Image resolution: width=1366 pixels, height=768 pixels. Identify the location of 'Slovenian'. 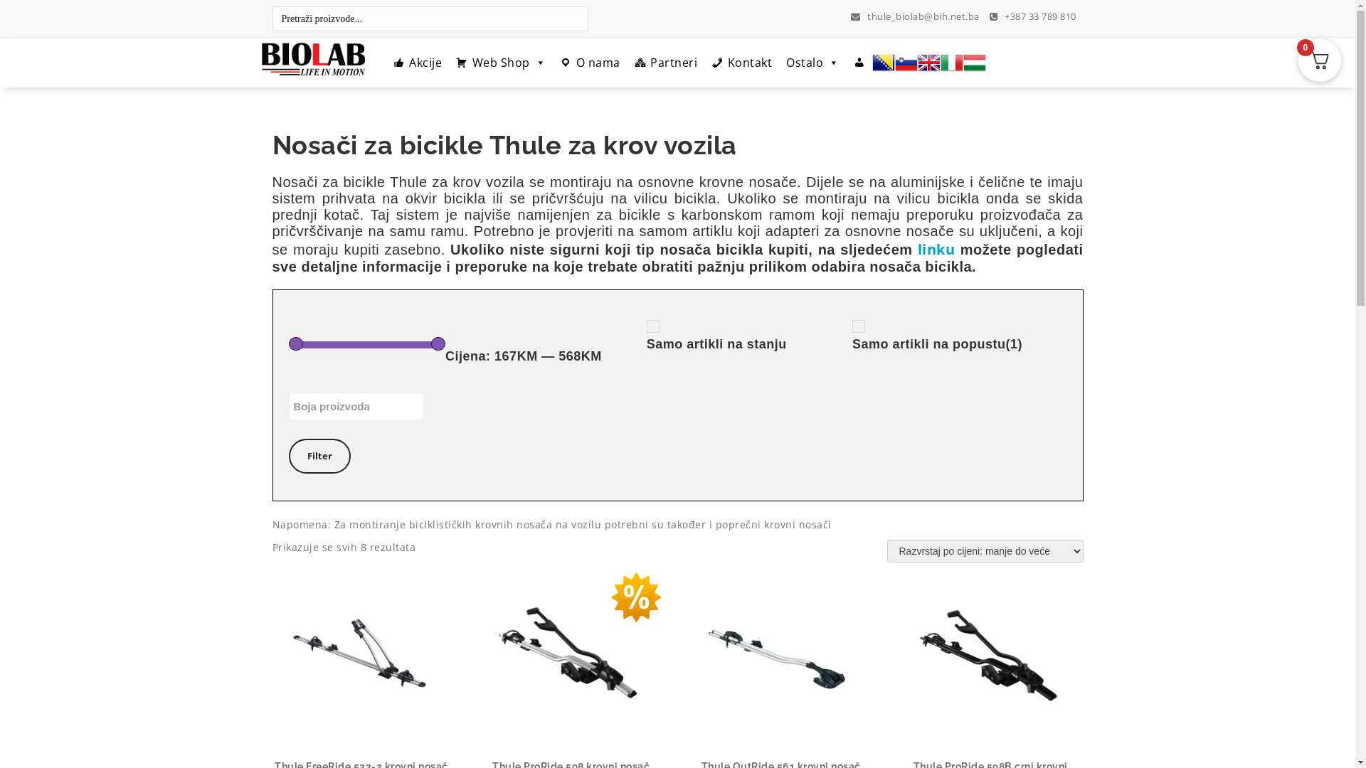
(905, 62).